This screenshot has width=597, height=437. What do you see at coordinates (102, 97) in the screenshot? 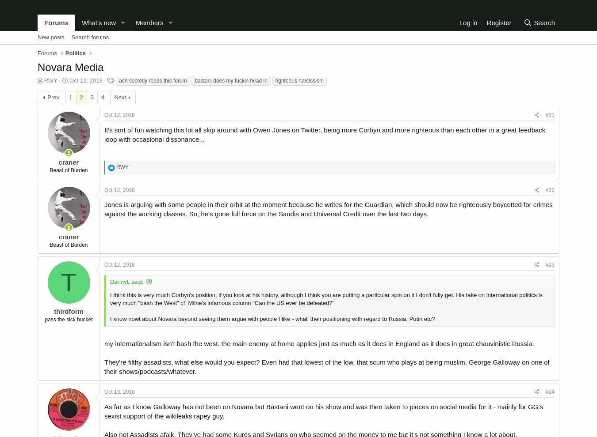
I see `'4'` at bounding box center [102, 97].